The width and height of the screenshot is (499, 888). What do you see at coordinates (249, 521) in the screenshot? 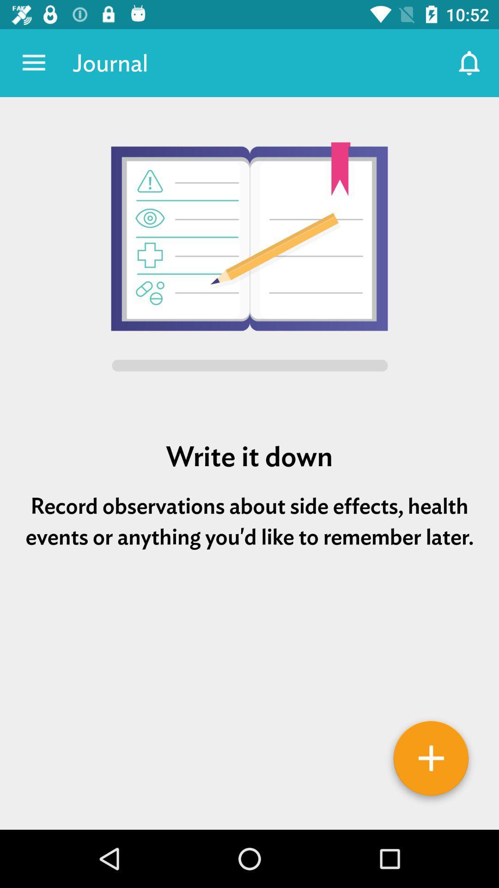
I see `item below the write it down item` at bounding box center [249, 521].